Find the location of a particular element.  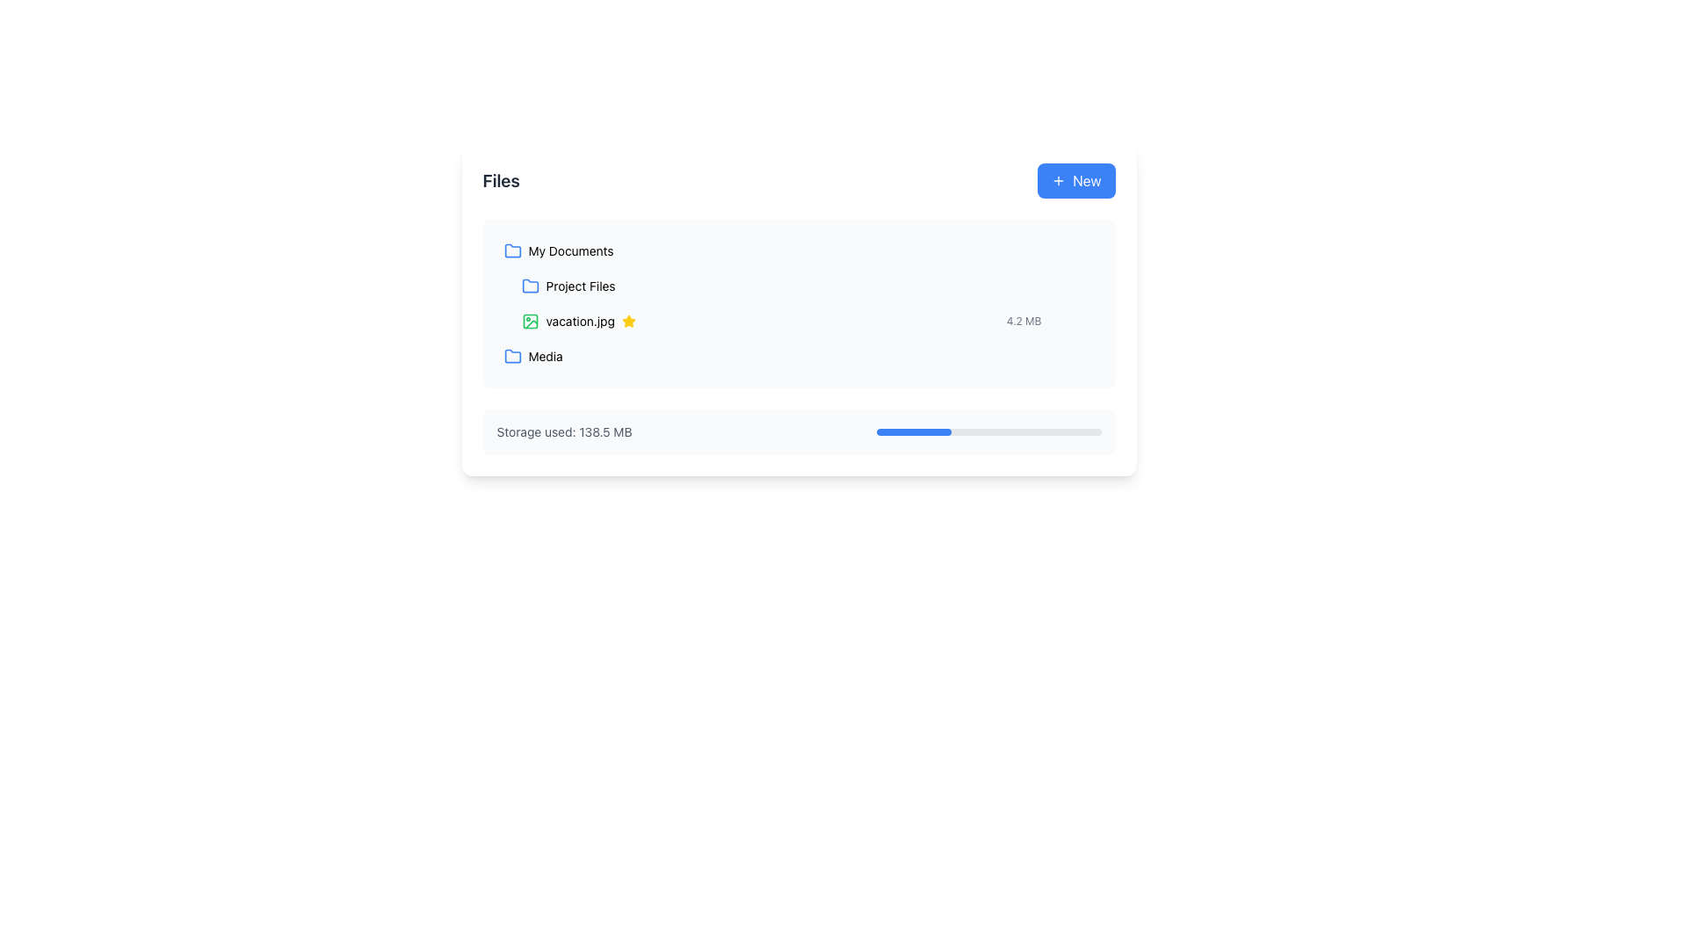

the star icon with a yellow fill and orange tint, located is located at coordinates (628, 322).